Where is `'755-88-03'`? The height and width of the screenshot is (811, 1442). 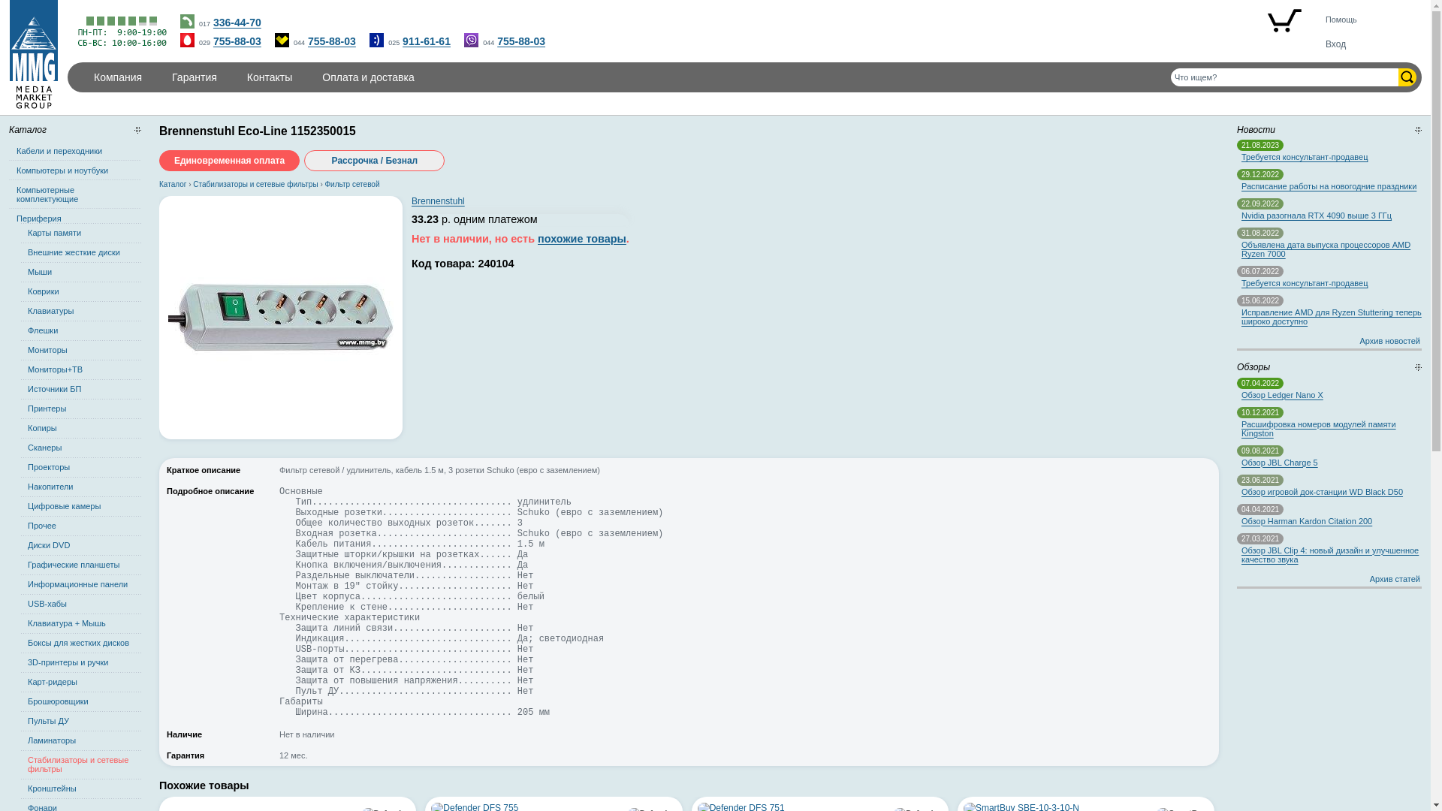
'755-88-03' is located at coordinates (521, 40).